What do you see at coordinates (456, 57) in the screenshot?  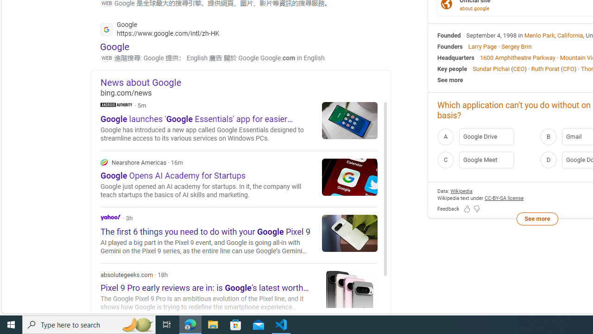 I see `'Headquarters'` at bounding box center [456, 57].